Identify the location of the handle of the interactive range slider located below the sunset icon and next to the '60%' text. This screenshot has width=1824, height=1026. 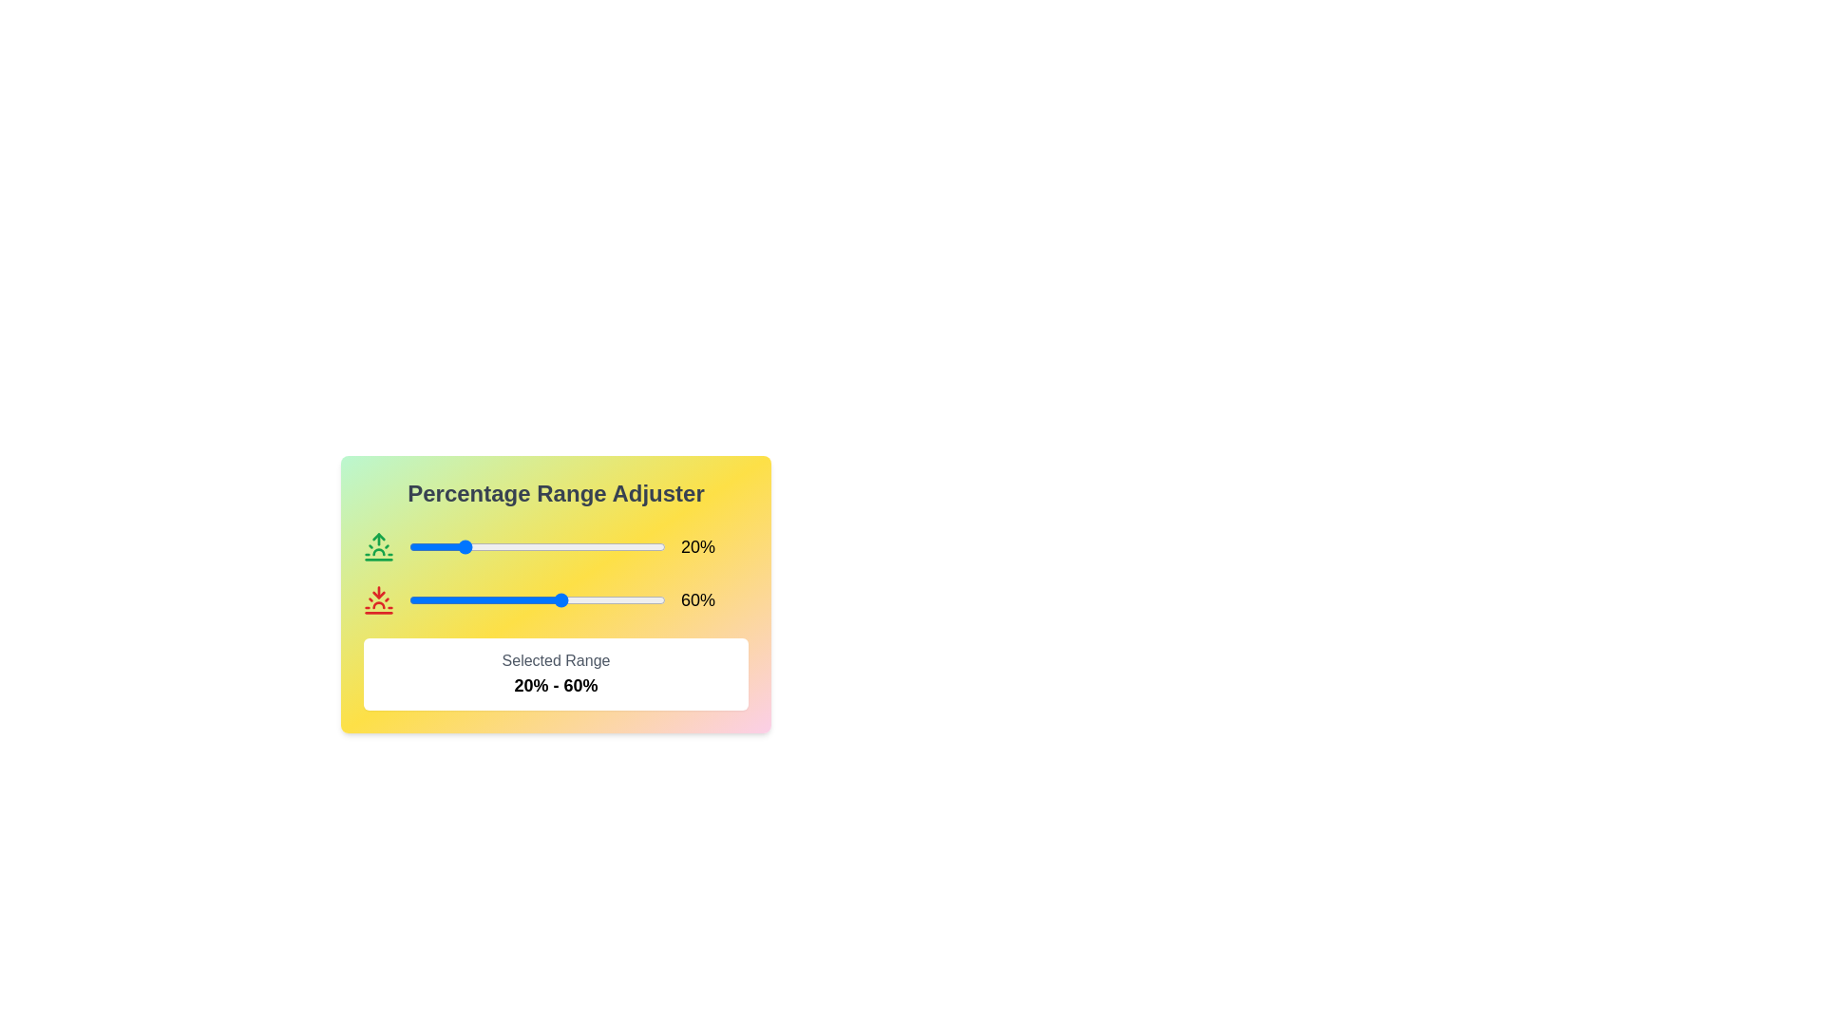
(537, 600).